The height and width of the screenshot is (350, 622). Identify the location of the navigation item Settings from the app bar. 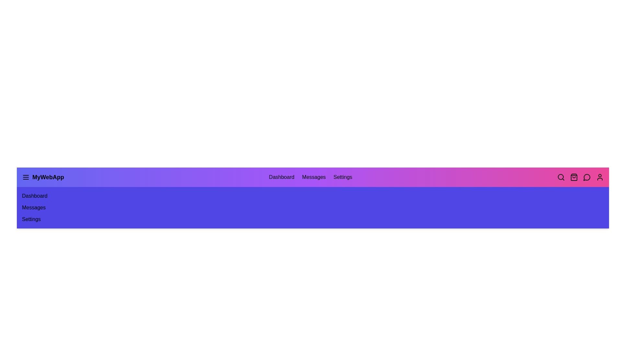
(342, 177).